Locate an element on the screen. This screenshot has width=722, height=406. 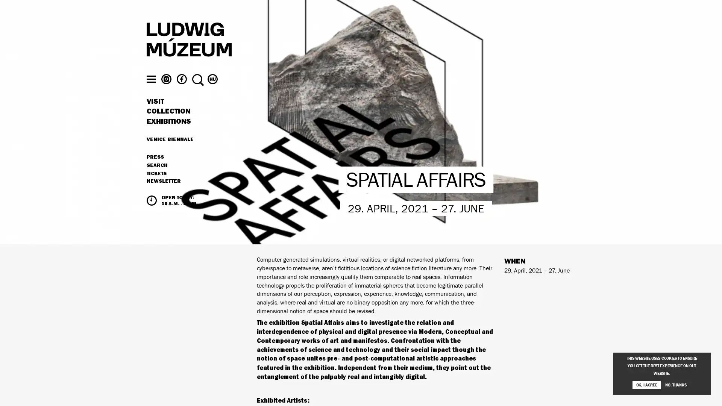
OK, I AGREE is located at coordinates (646, 385).